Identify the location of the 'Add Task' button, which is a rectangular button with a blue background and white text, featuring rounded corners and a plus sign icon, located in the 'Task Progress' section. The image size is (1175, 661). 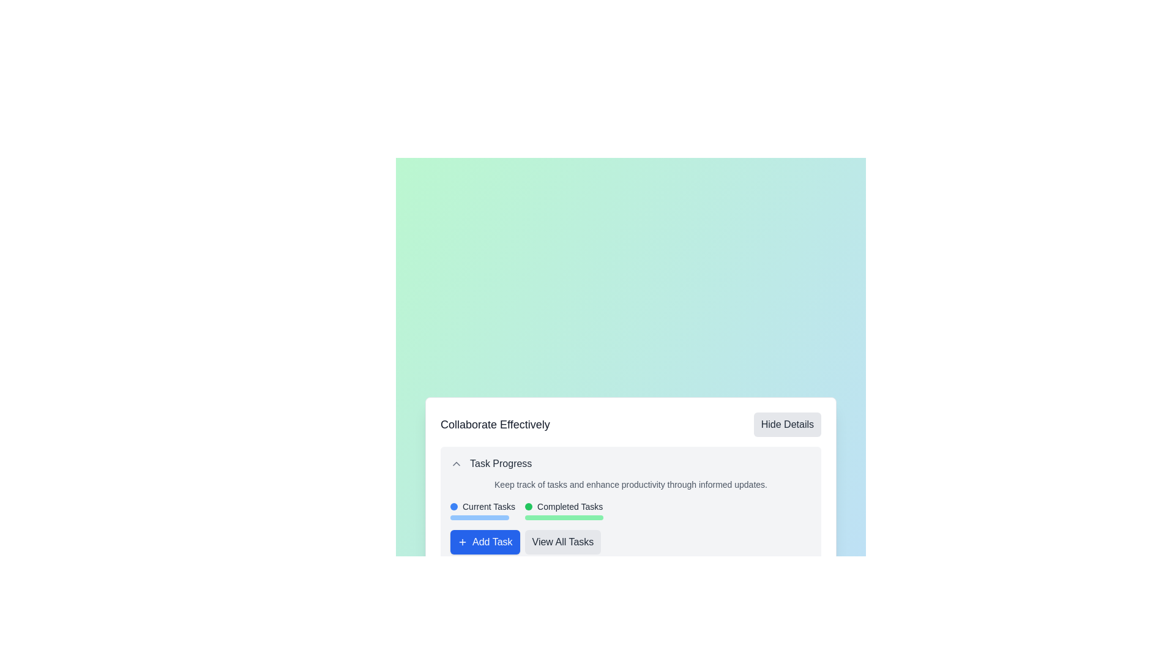
(484, 542).